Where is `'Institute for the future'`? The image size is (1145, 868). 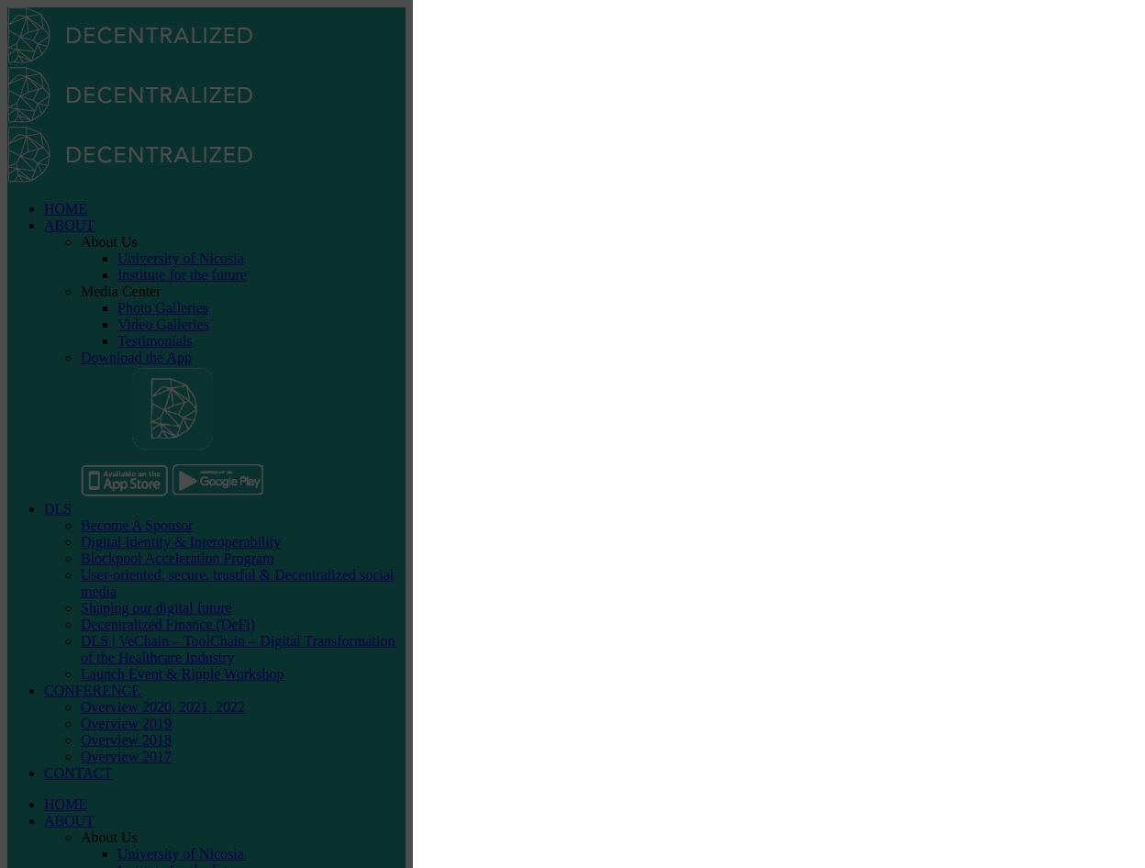 'Institute for the future' is located at coordinates (181, 273).